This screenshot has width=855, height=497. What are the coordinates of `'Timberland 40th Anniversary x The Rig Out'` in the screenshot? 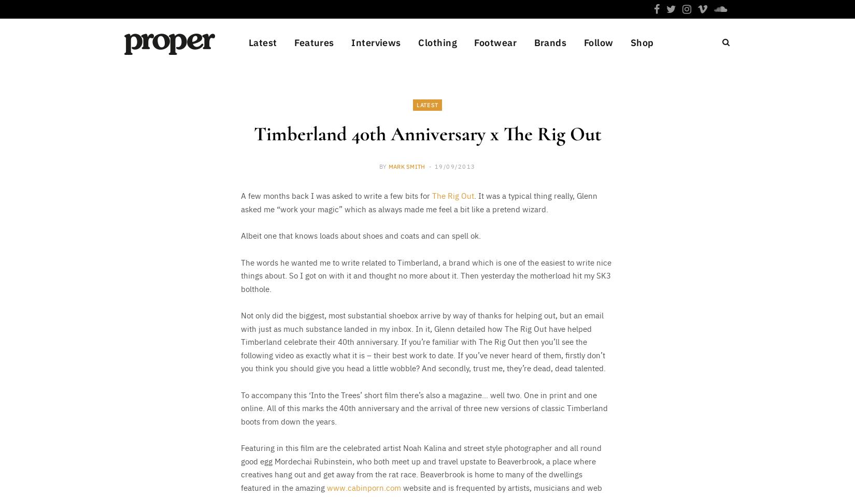 It's located at (426, 134).